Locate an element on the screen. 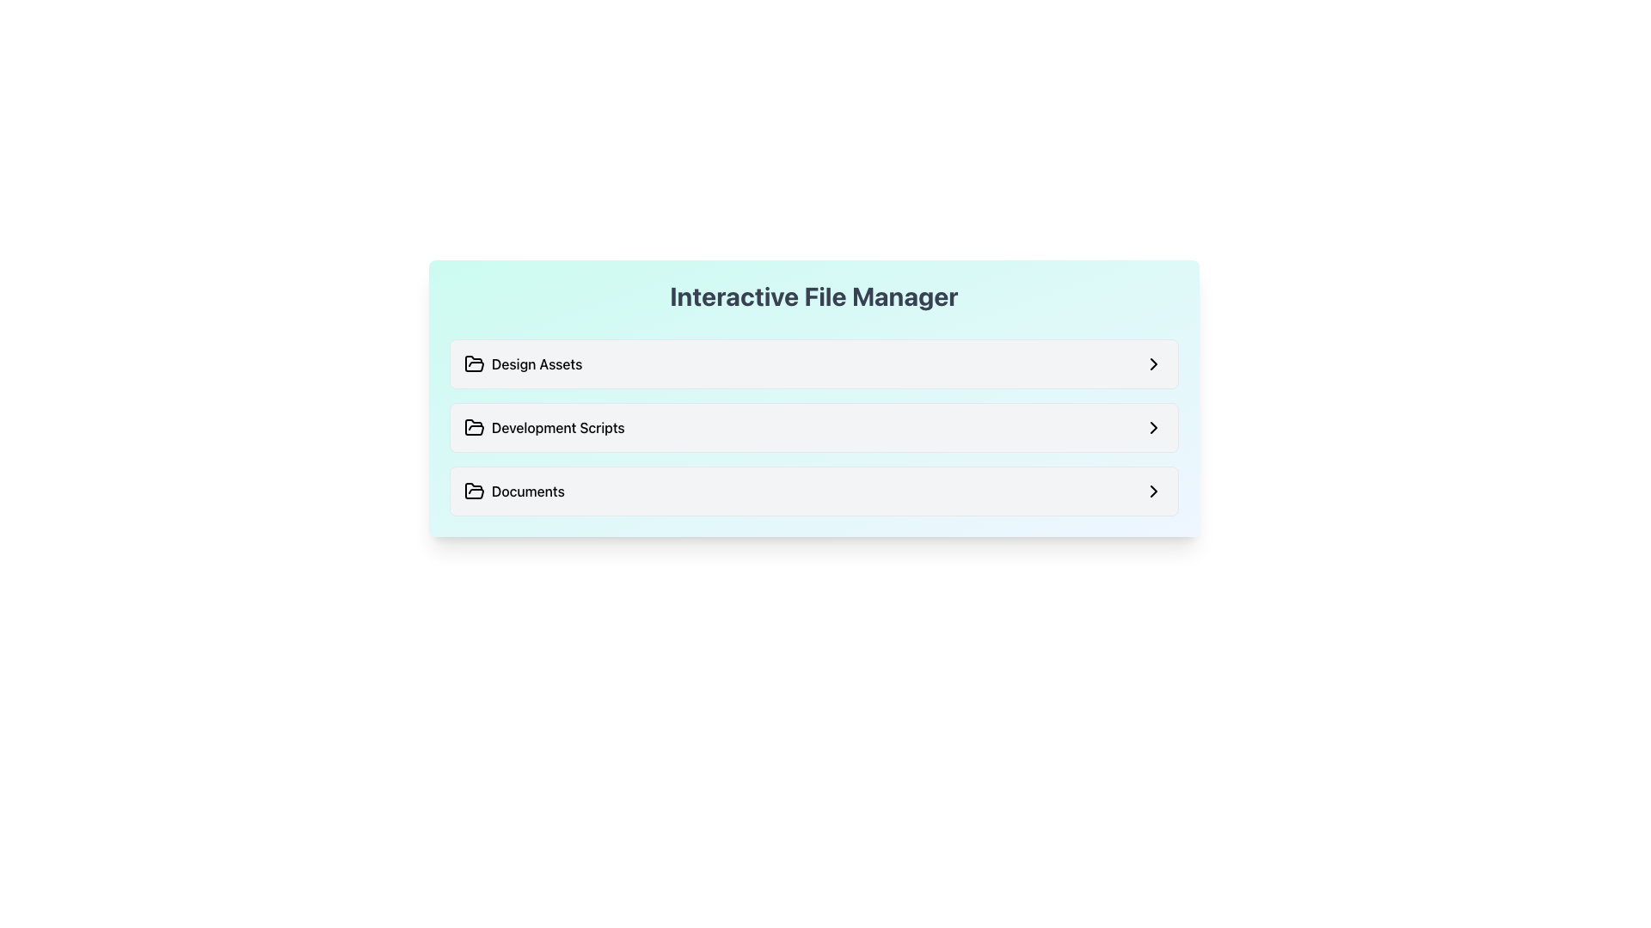  the rightward-pointing chevron icon within the 'Documents' item at the bottom of the vertical list, which serves to indicate an interactive element for navigation or expansion is located at coordinates (1154, 491).